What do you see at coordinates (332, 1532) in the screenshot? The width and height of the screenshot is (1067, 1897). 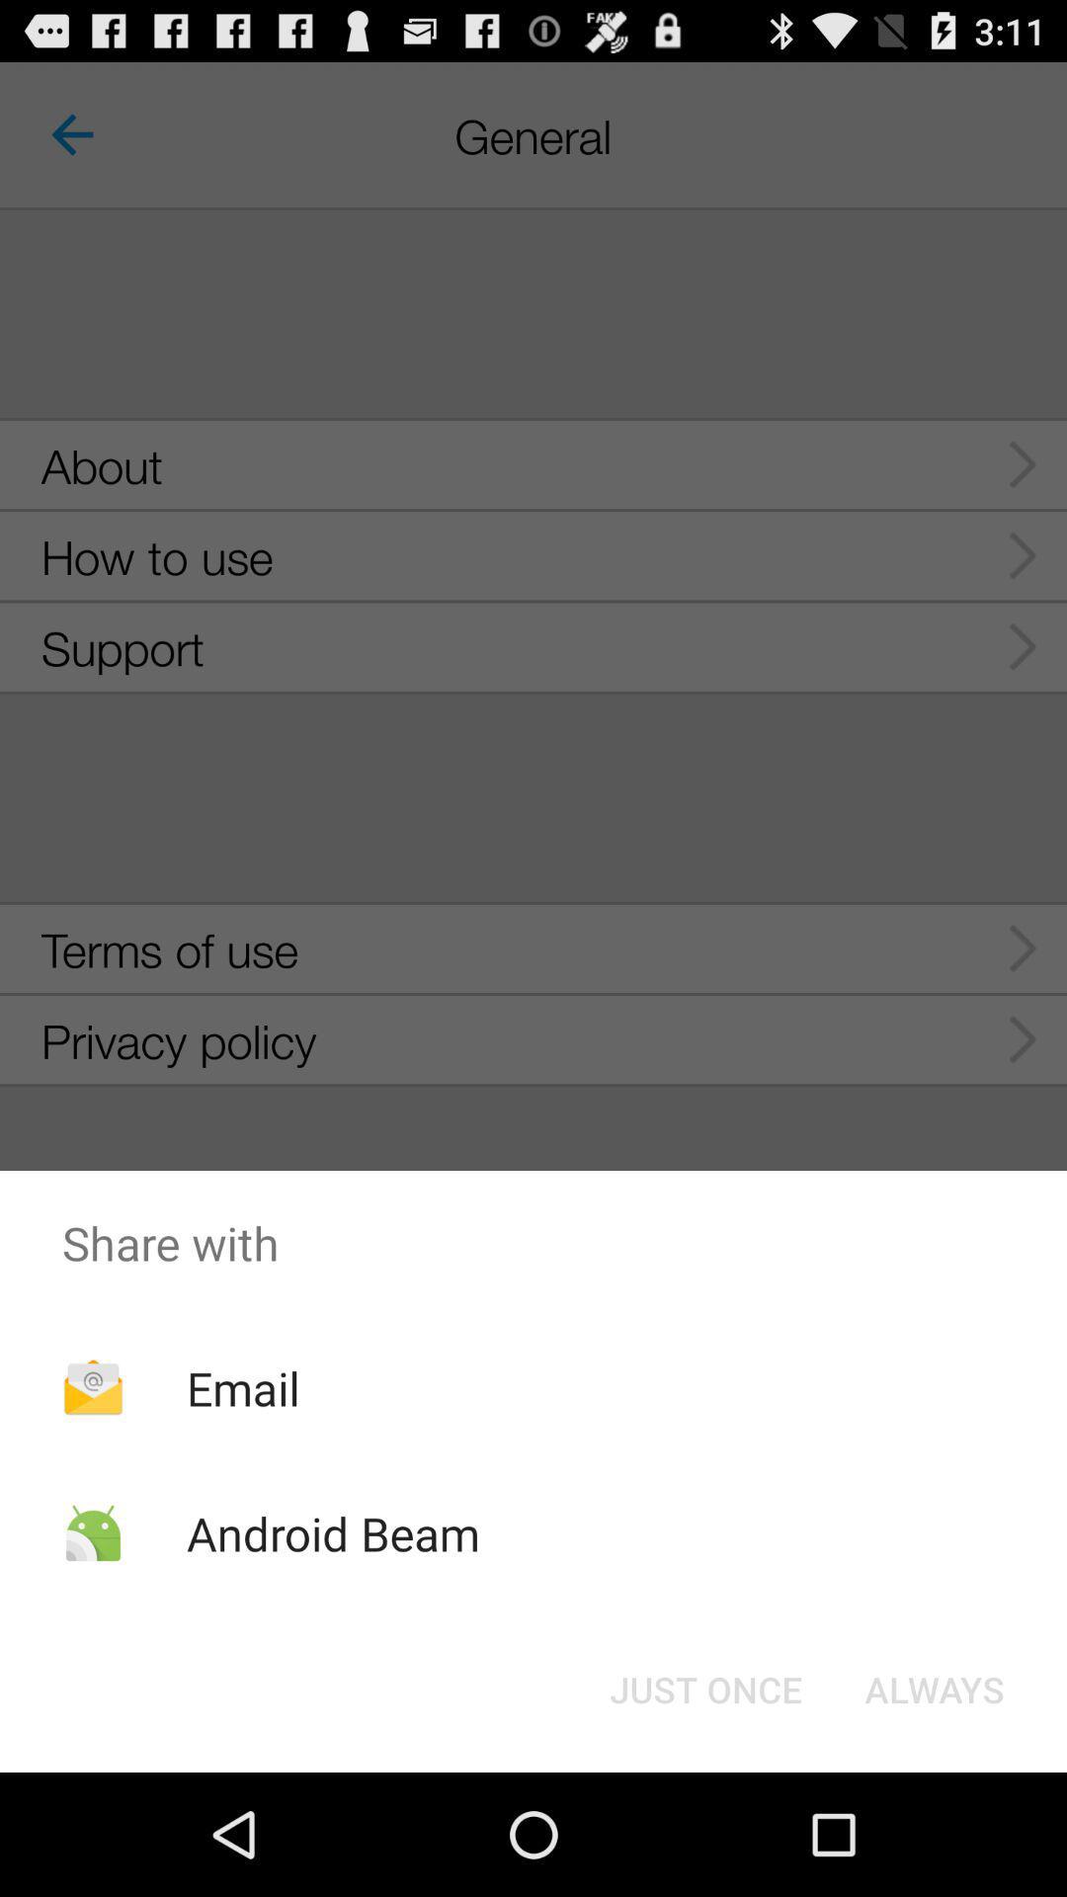 I see `android beam app` at bounding box center [332, 1532].